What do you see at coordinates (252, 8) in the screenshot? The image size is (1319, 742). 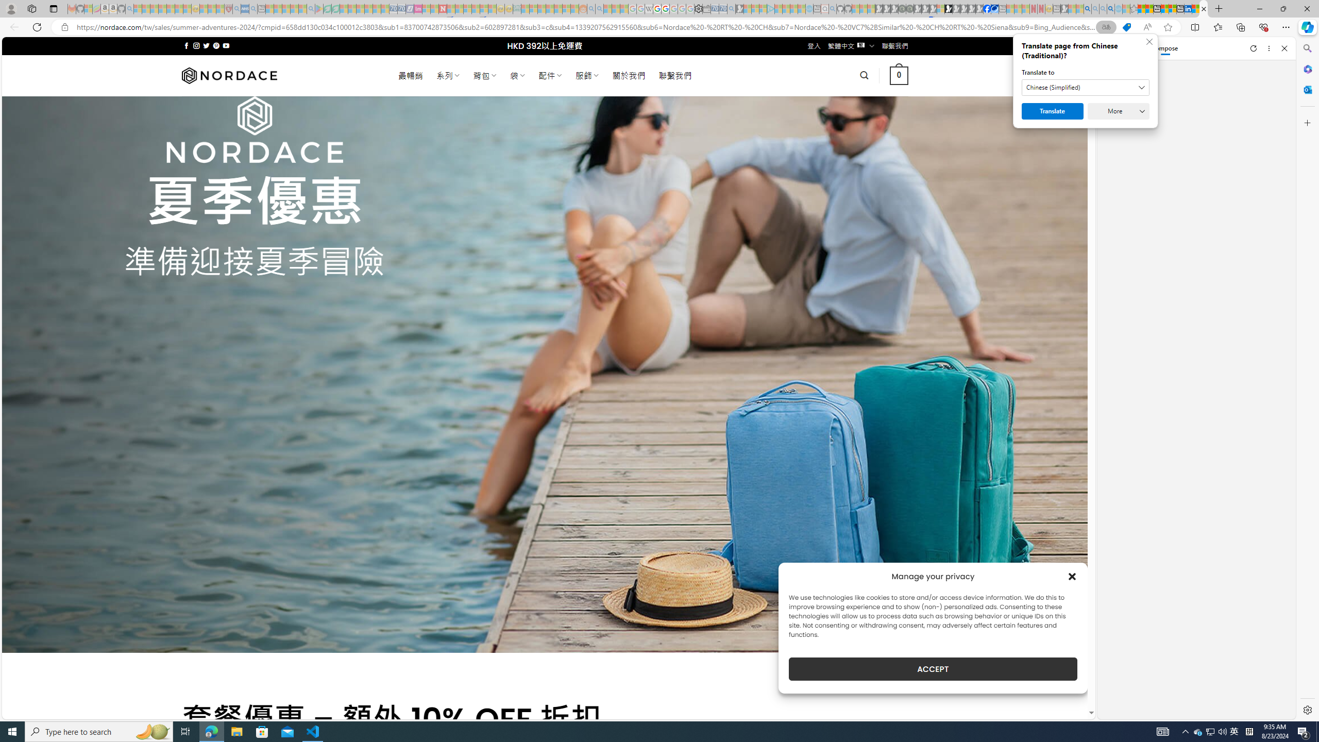 I see `'utah sues federal government - Search - Sleeping'` at bounding box center [252, 8].